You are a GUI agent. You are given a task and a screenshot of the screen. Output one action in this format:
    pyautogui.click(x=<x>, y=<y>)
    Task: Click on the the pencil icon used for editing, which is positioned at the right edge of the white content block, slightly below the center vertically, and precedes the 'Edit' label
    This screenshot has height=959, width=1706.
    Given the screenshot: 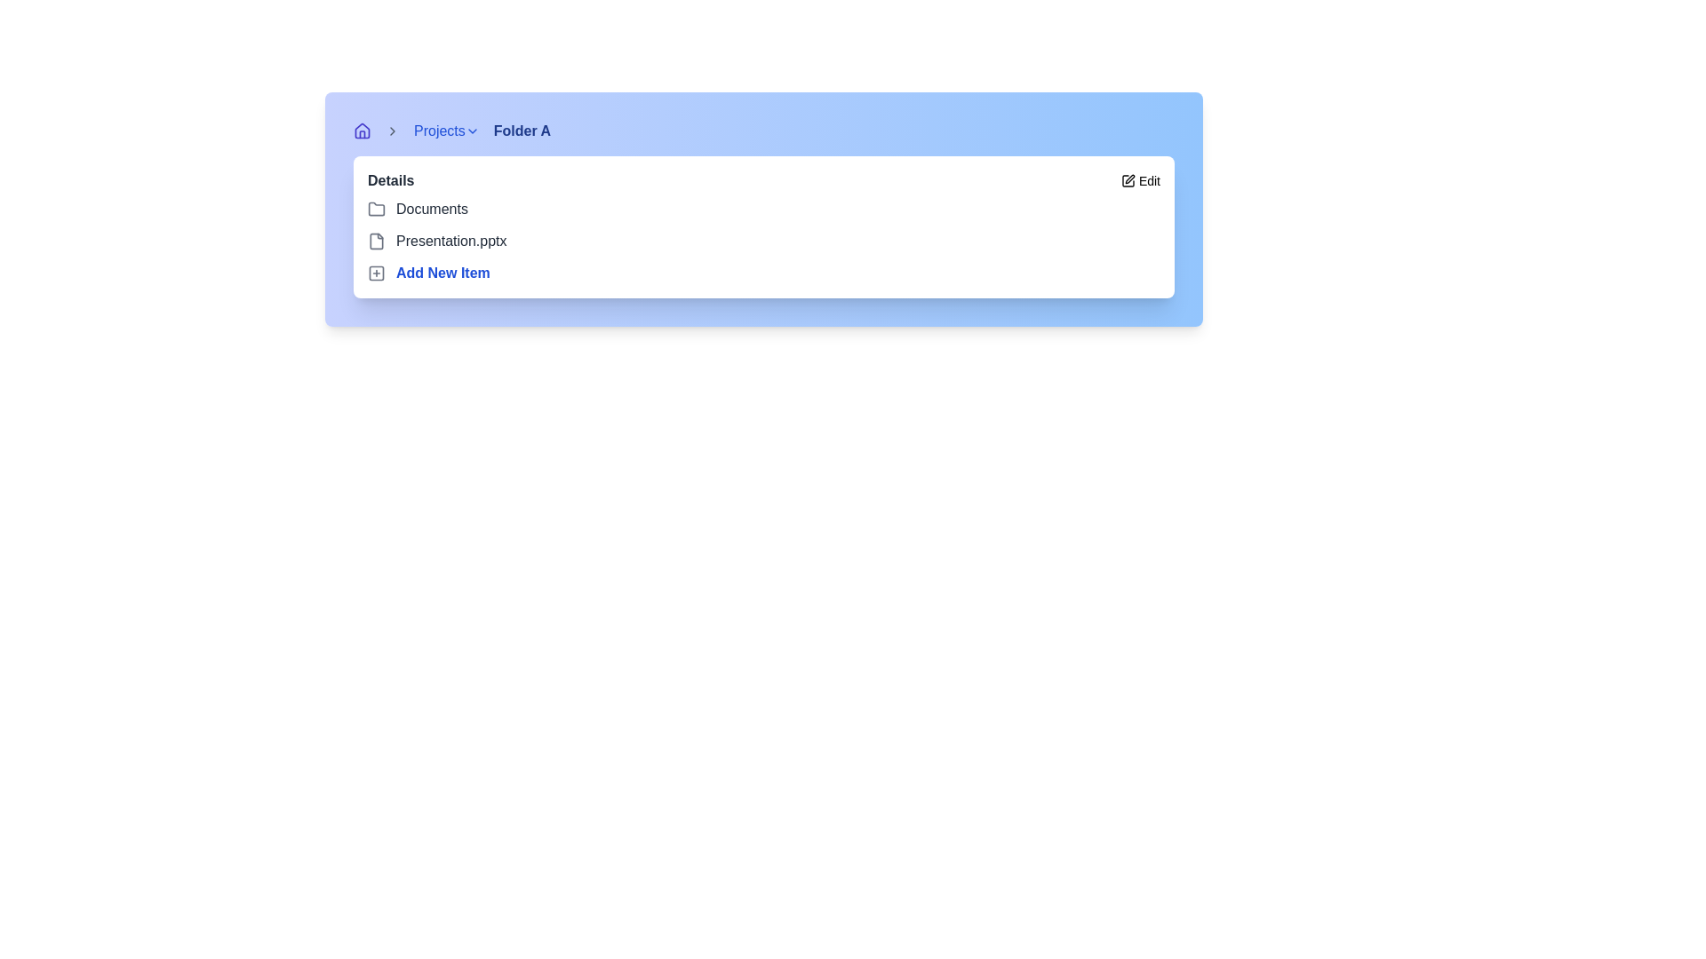 What is the action you would take?
    pyautogui.click(x=1127, y=181)
    